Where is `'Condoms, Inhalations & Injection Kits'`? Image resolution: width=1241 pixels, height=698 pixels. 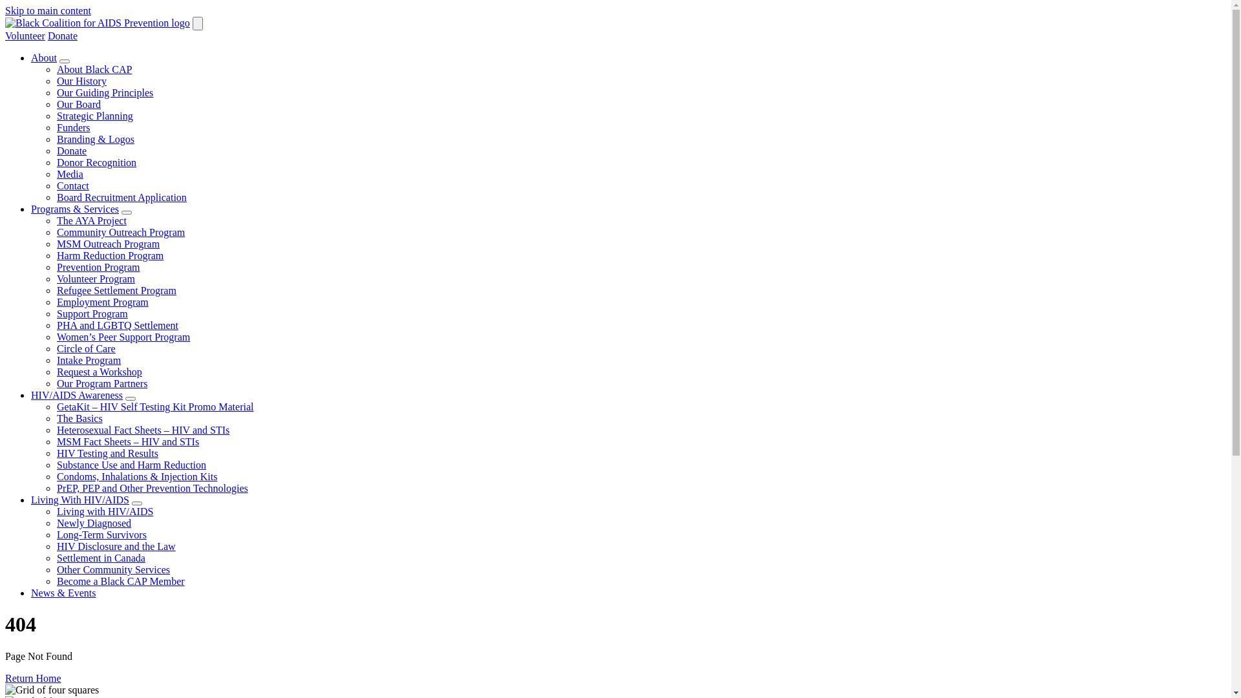 'Condoms, Inhalations & Injection Kits' is located at coordinates (136, 476).